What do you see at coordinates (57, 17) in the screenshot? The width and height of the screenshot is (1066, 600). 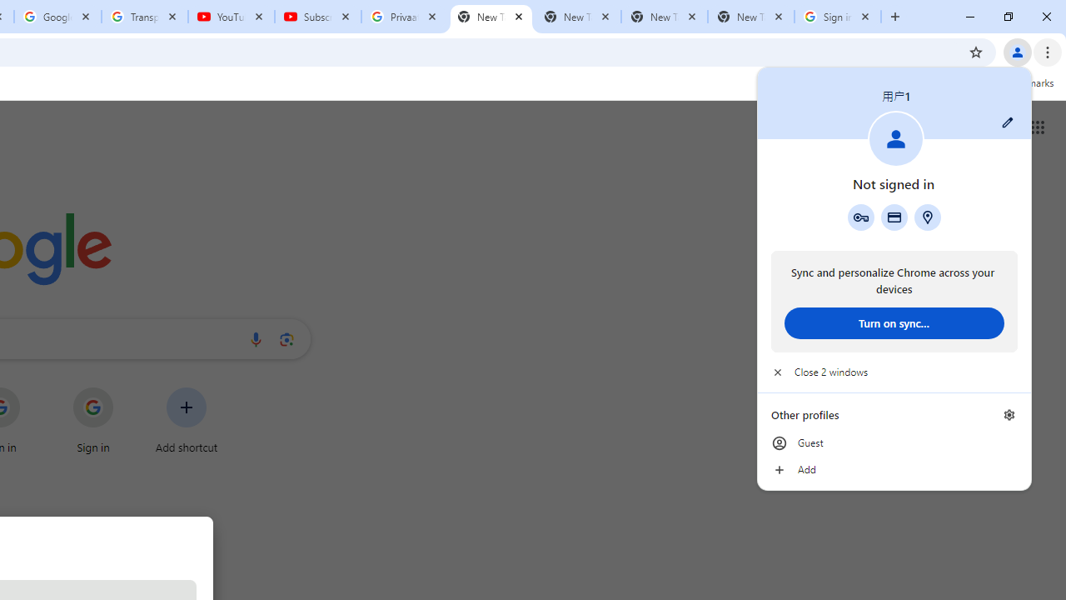 I see `'Google Account'` at bounding box center [57, 17].